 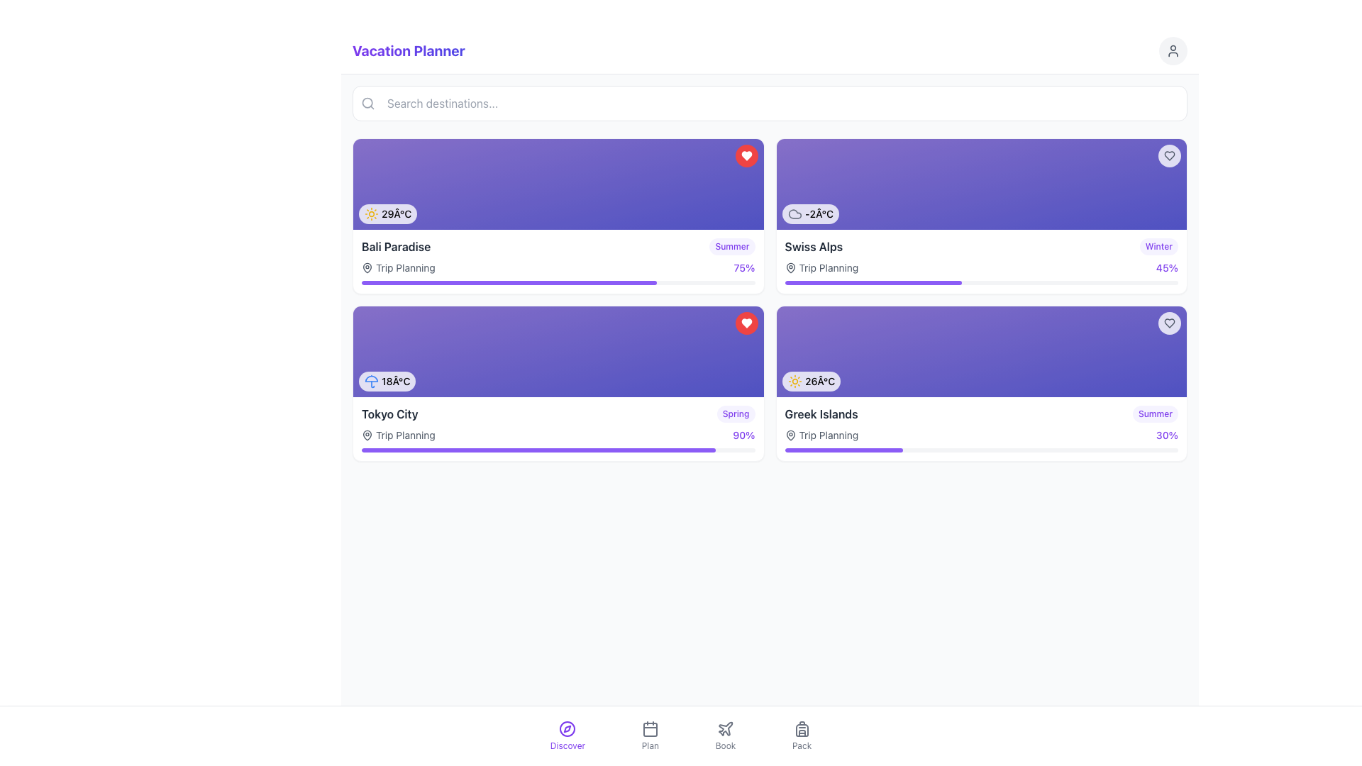 What do you see at coordinates (397, 434) in the screenshot?
I see `the 'Trip Planning' label with icon located at the bottom of the 'Tokyo City' card for accessibility tools` at bounding box center [397, 434].